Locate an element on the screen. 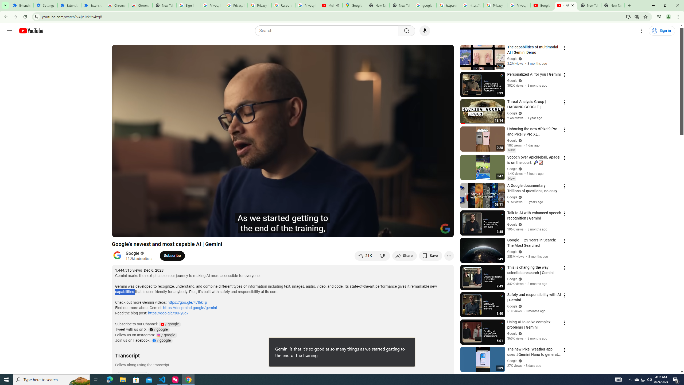  'Miniplayer (i)' is located at coordinates (418, 230).